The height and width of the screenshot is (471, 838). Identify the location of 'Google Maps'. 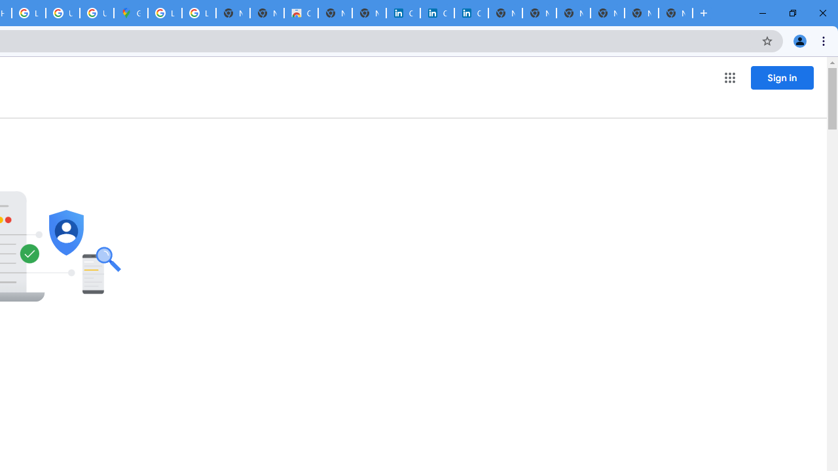
(131, 13).